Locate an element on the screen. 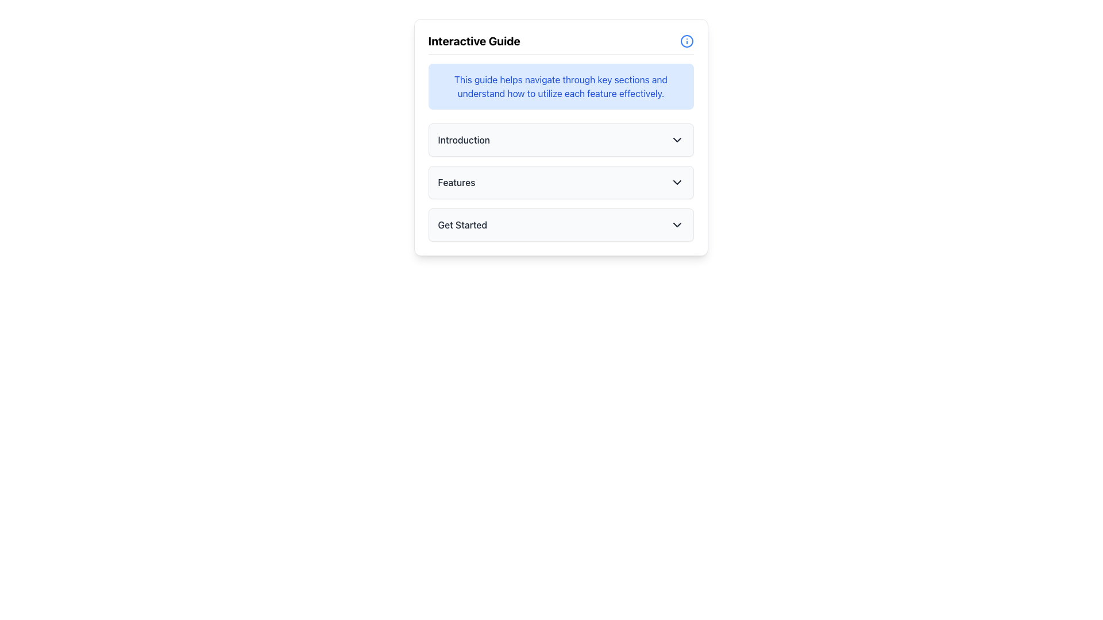 The image size is (1103, 620). the Chevron Down icon located on the far right side of the 'Features' text is located at coordinates (677, 181).